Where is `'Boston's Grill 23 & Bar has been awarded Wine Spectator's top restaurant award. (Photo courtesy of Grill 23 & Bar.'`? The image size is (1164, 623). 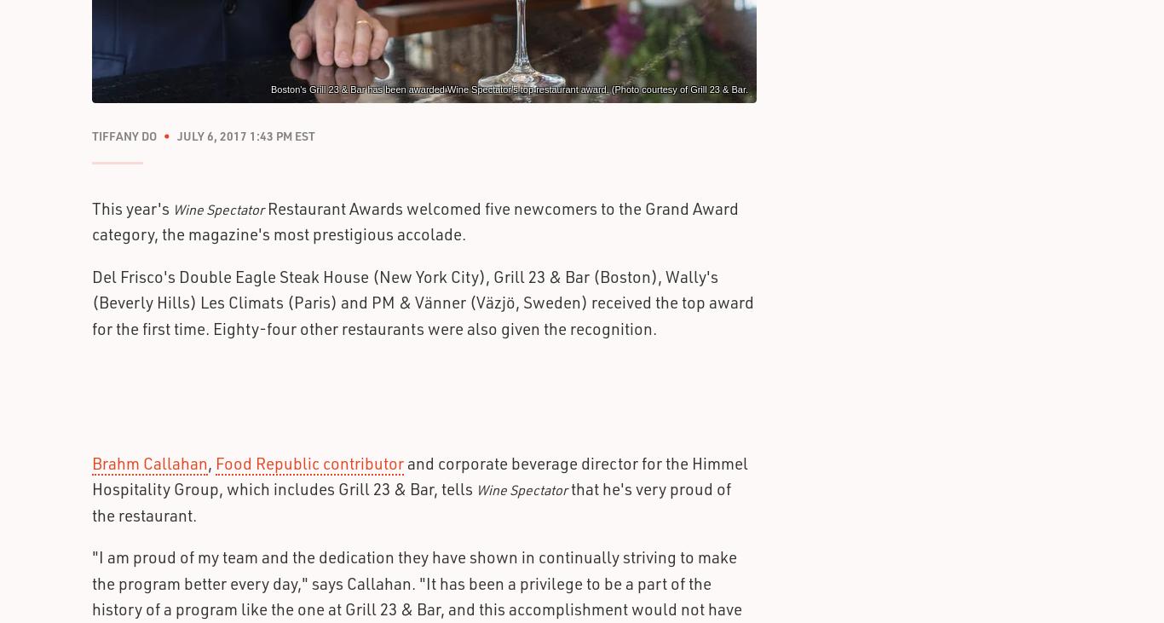 'Boston's Grill 23 & Bar has been awarded Wine Spectator's top restaurant award. (Photo courtesy of Grill 23 & Bar.' is located at coordinates (271, 88).